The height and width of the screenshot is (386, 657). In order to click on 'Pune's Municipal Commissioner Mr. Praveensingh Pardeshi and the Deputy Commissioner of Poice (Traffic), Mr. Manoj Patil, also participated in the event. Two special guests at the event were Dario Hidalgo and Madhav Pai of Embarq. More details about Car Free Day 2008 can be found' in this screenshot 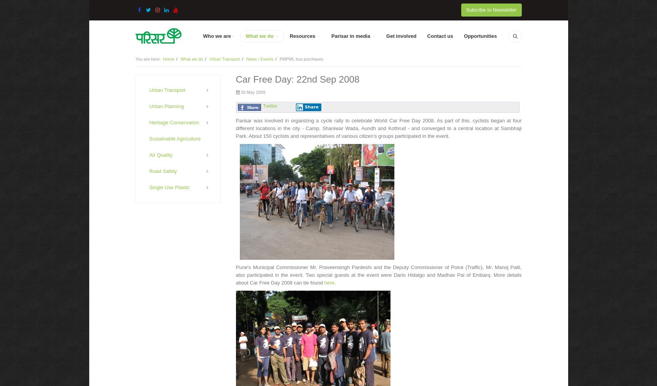, I will do `click(378, 274)`.